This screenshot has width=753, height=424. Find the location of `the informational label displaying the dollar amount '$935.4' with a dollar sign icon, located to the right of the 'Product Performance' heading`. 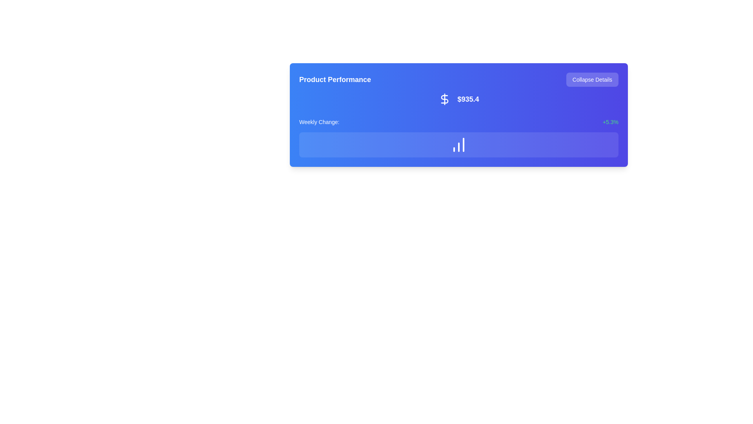

the informational label displaying the dollar amount '$935.4' with a dollar sign icon, located to the right of the 'Product Performance' heading is located at coordinates (459, 99).